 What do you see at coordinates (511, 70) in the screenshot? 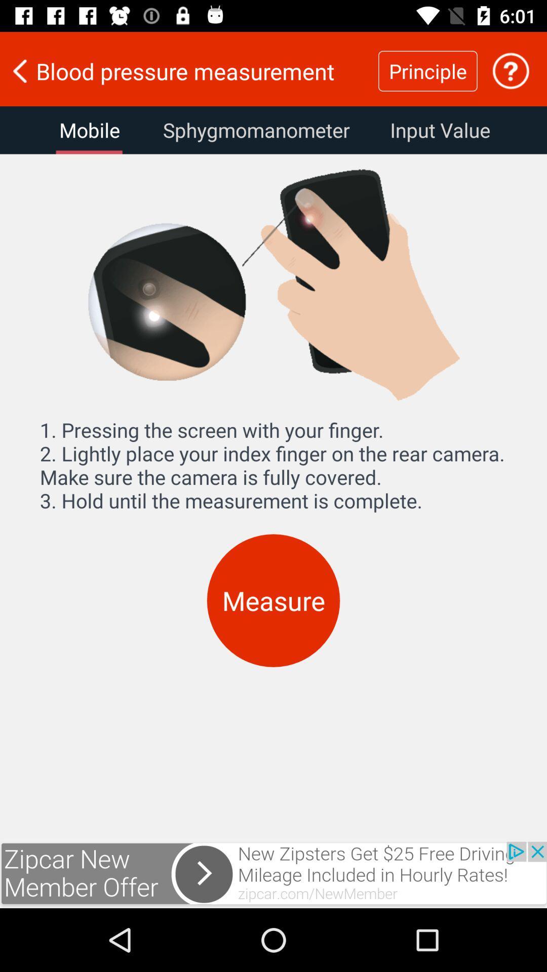
I see `the option to get help` at bounding box center [511, 70].